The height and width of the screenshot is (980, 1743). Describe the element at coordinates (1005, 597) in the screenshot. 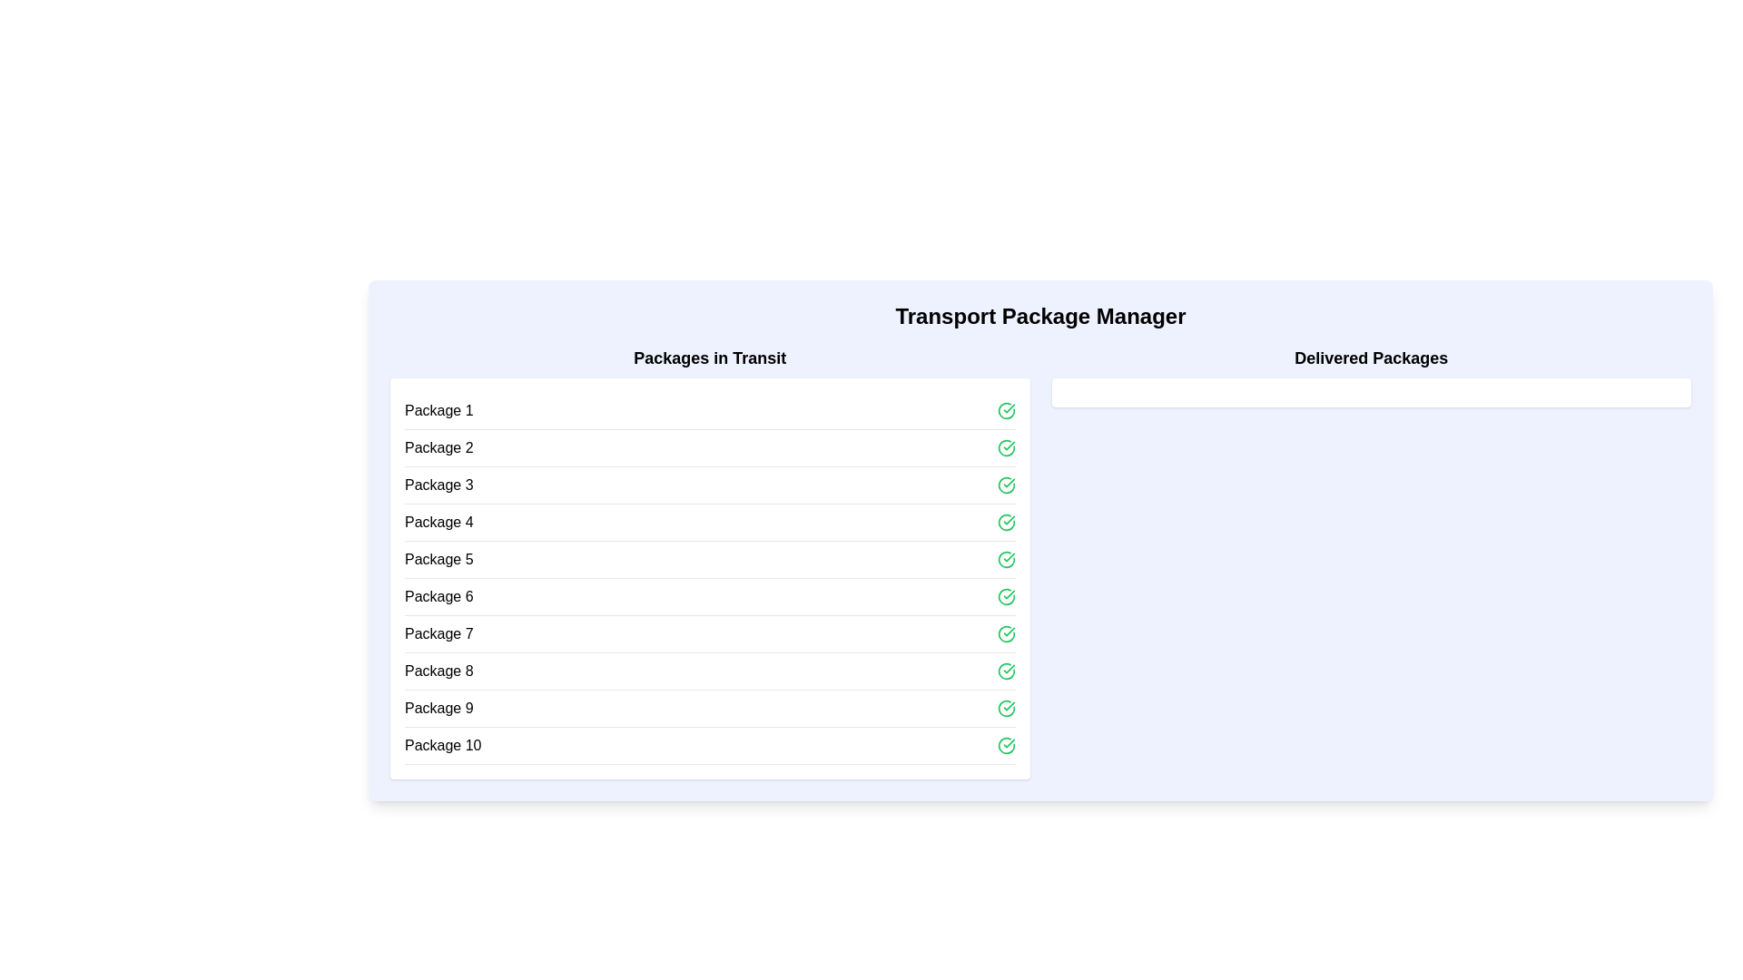

I see `the vector graphic indicating the status of the 'Package 8' entry in the 'Packages in Transit' section` at that location.